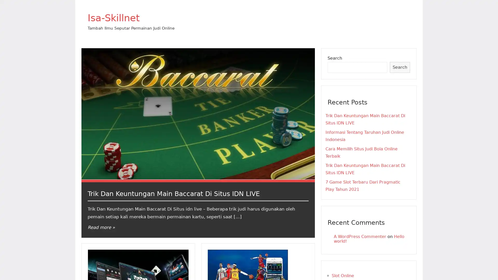 This screenshot has height=280, width=498. What do you see at coordinates (399, 67) in the screenshot?
I see `Search` at bounding box center [399, 67].